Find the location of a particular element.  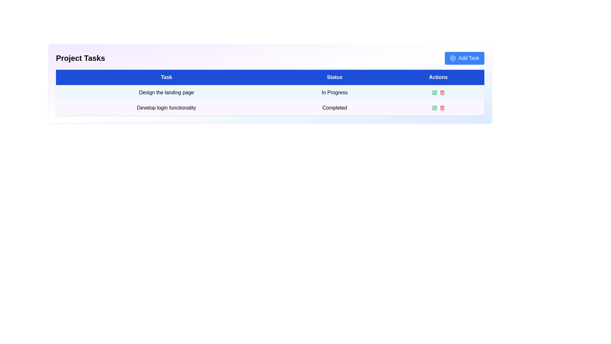

the table row displaying the task 'Develop login functionality' with status 'Completed' is located at coordinates (270, 108).